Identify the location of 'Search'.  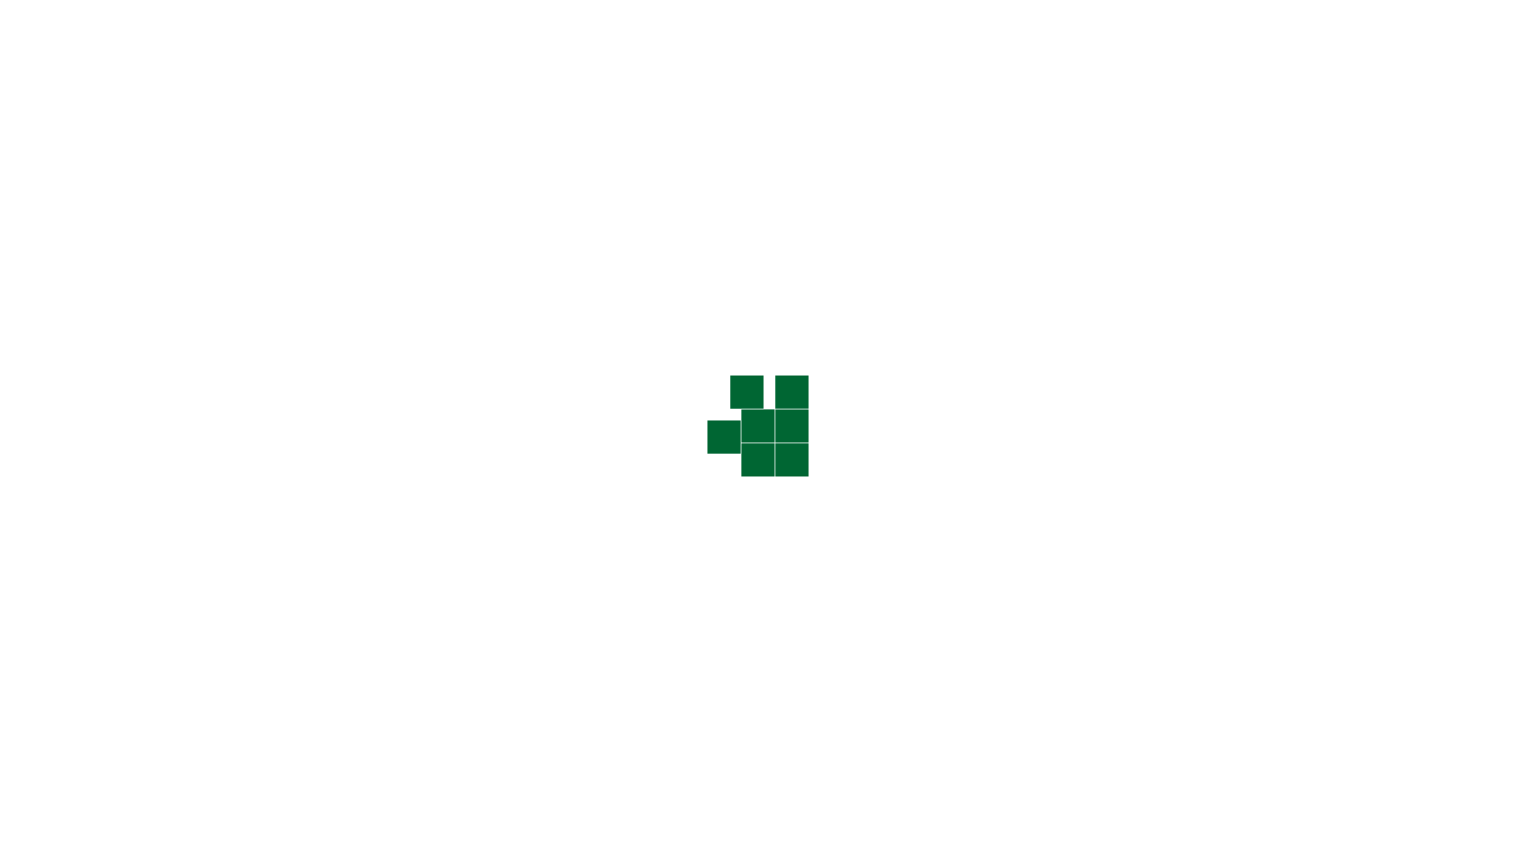
(1121, 397).